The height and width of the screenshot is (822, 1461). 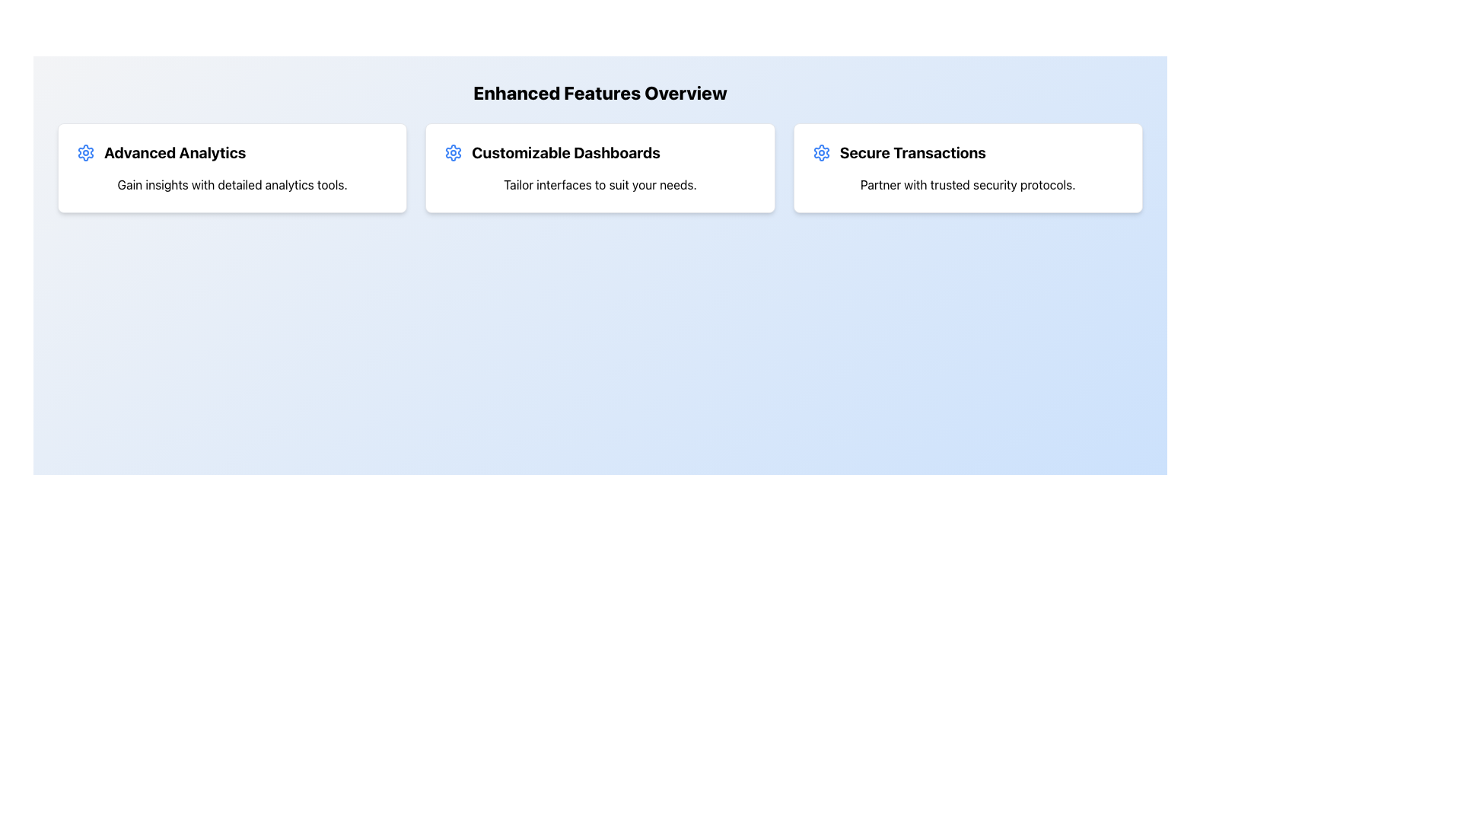 What do you see at coordinates (565, 152) in the screenshot?
I see `text from the Text Label that serves as a title for the feature card, located in the middle card under the 'Enhanced Features Overview' section` at bounding box center [565, 152].